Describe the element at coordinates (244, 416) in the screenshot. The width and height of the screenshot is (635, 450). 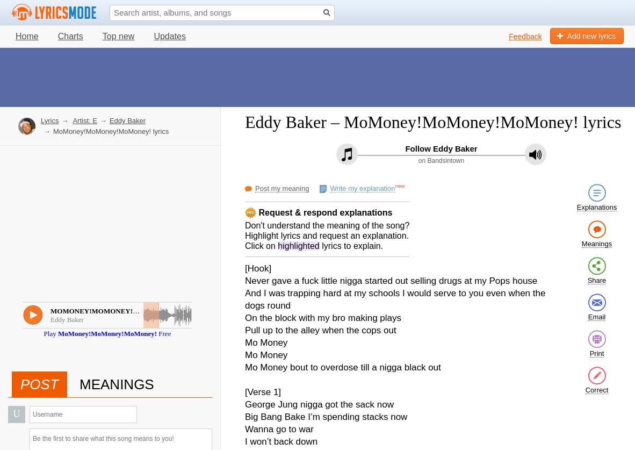
I see `'Big Bang Bake I’m spending stacks now'` at that location.